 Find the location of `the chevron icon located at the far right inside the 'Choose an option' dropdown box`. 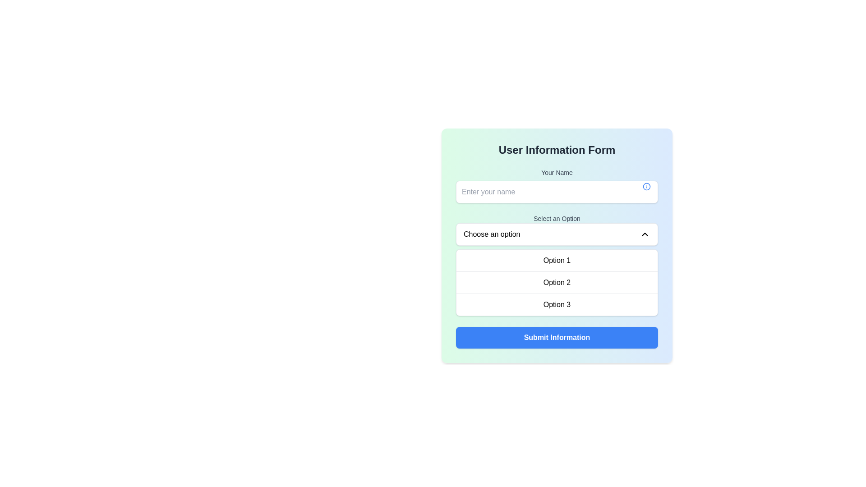

the chevron icon located at the far right inside the 'Choose an option' dropdown box is located at coordinates (645, 234).